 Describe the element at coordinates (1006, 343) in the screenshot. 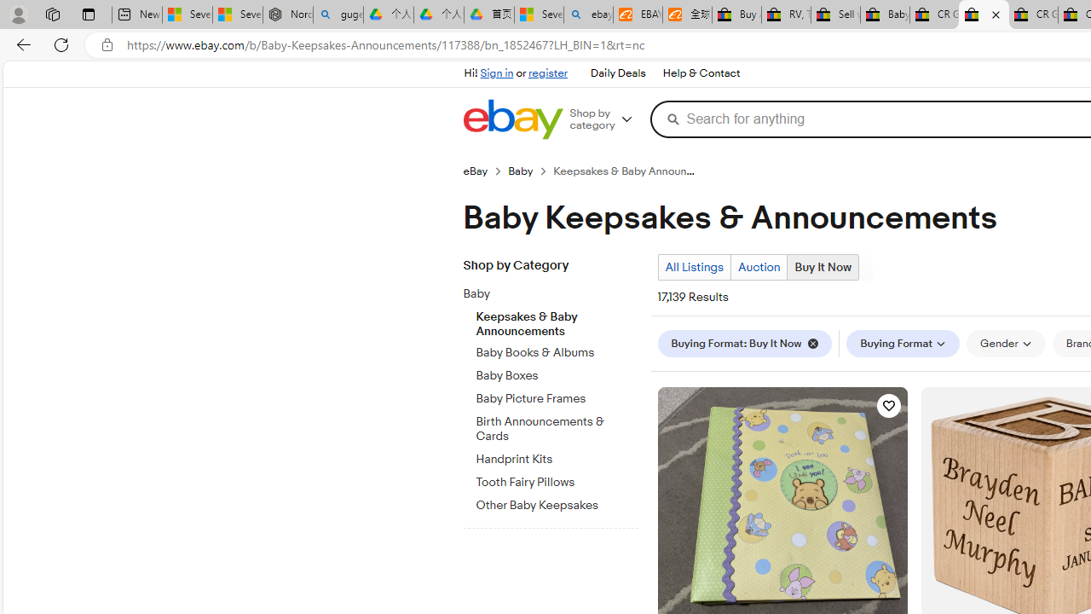

I see `'Gender'` at that location.